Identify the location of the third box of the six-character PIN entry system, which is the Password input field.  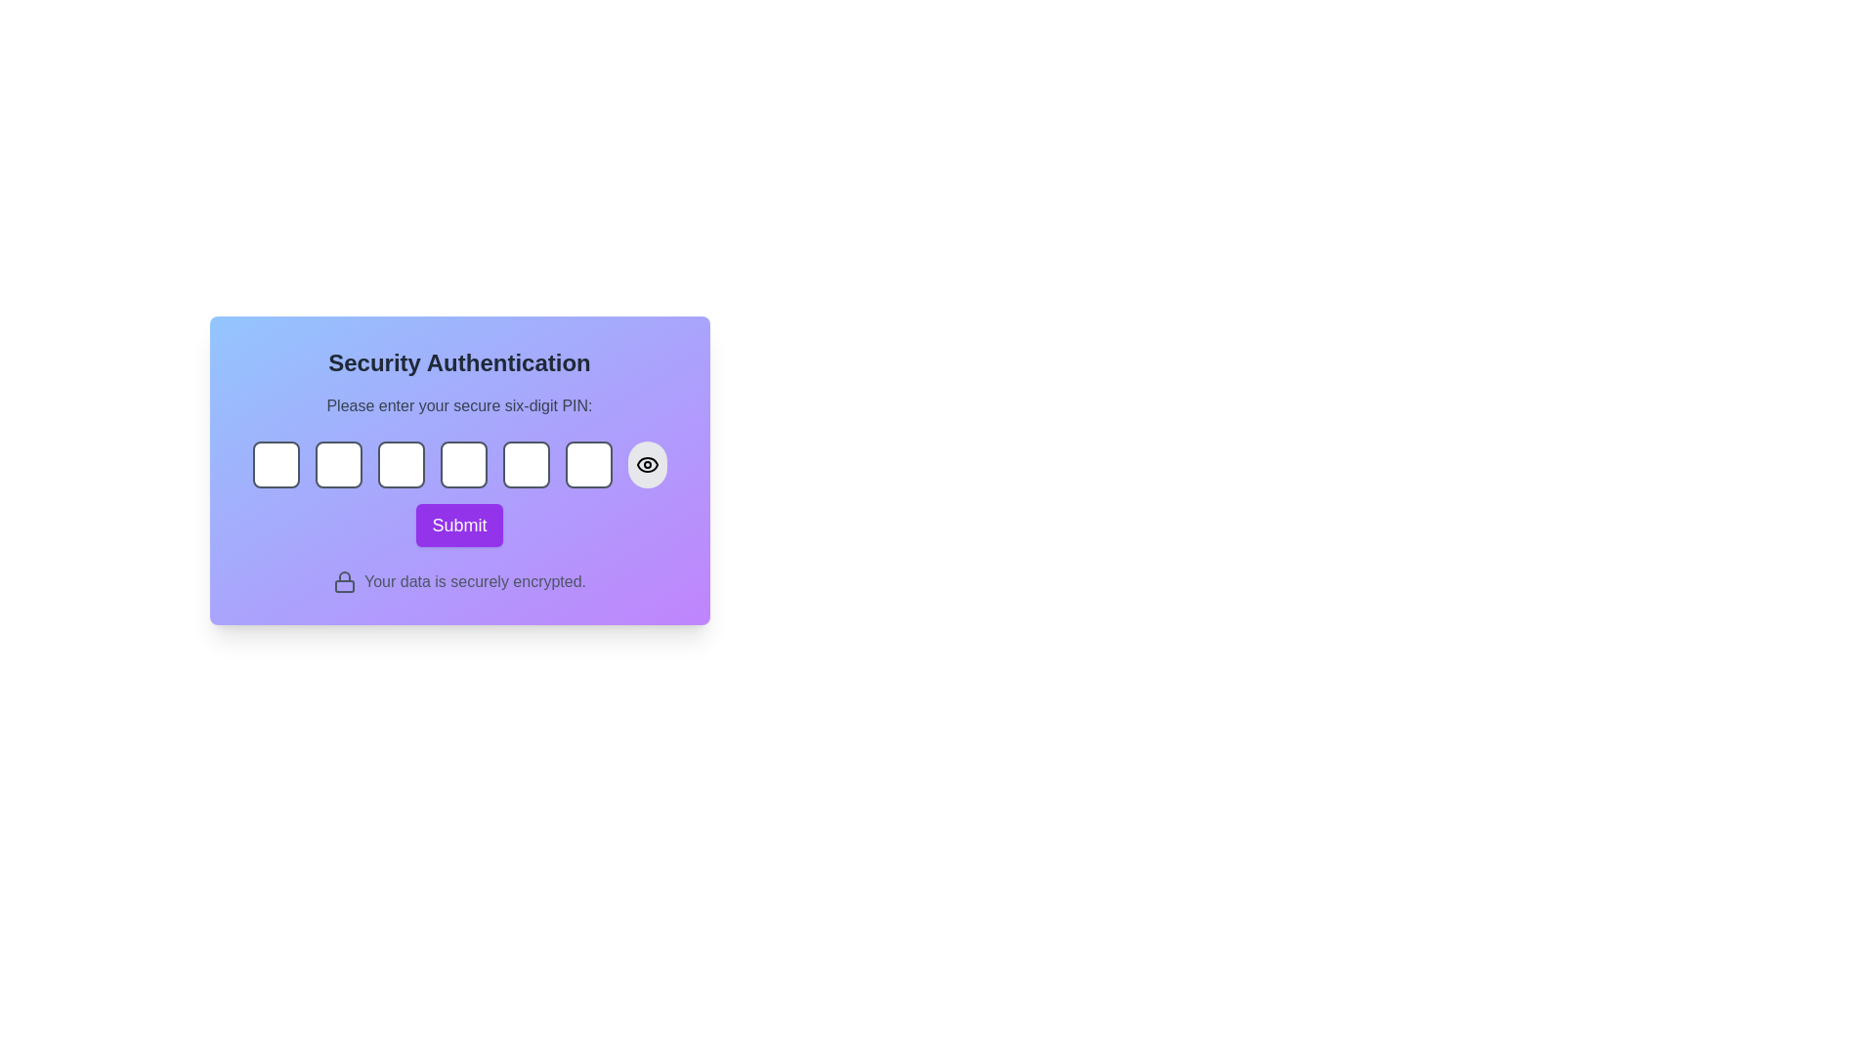
(400, 464).